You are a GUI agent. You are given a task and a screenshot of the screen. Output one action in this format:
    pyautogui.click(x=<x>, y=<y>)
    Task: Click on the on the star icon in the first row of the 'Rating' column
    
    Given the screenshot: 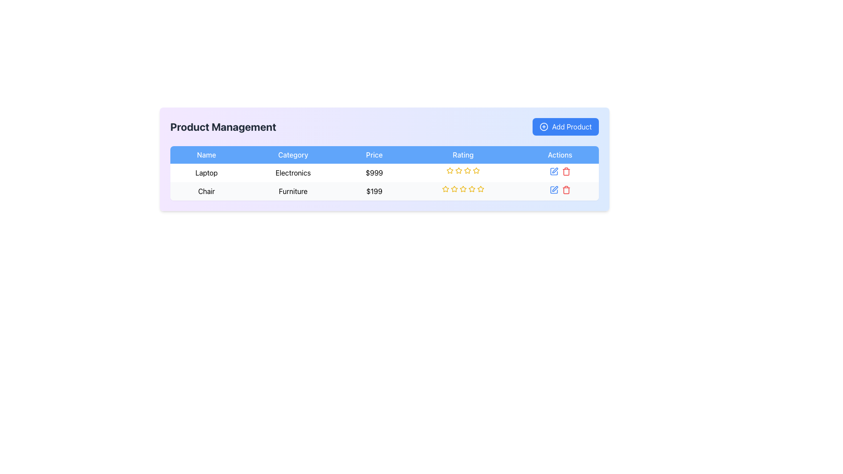 What is the action you would take?
    pyautogui.click(x=476, y=170)
    